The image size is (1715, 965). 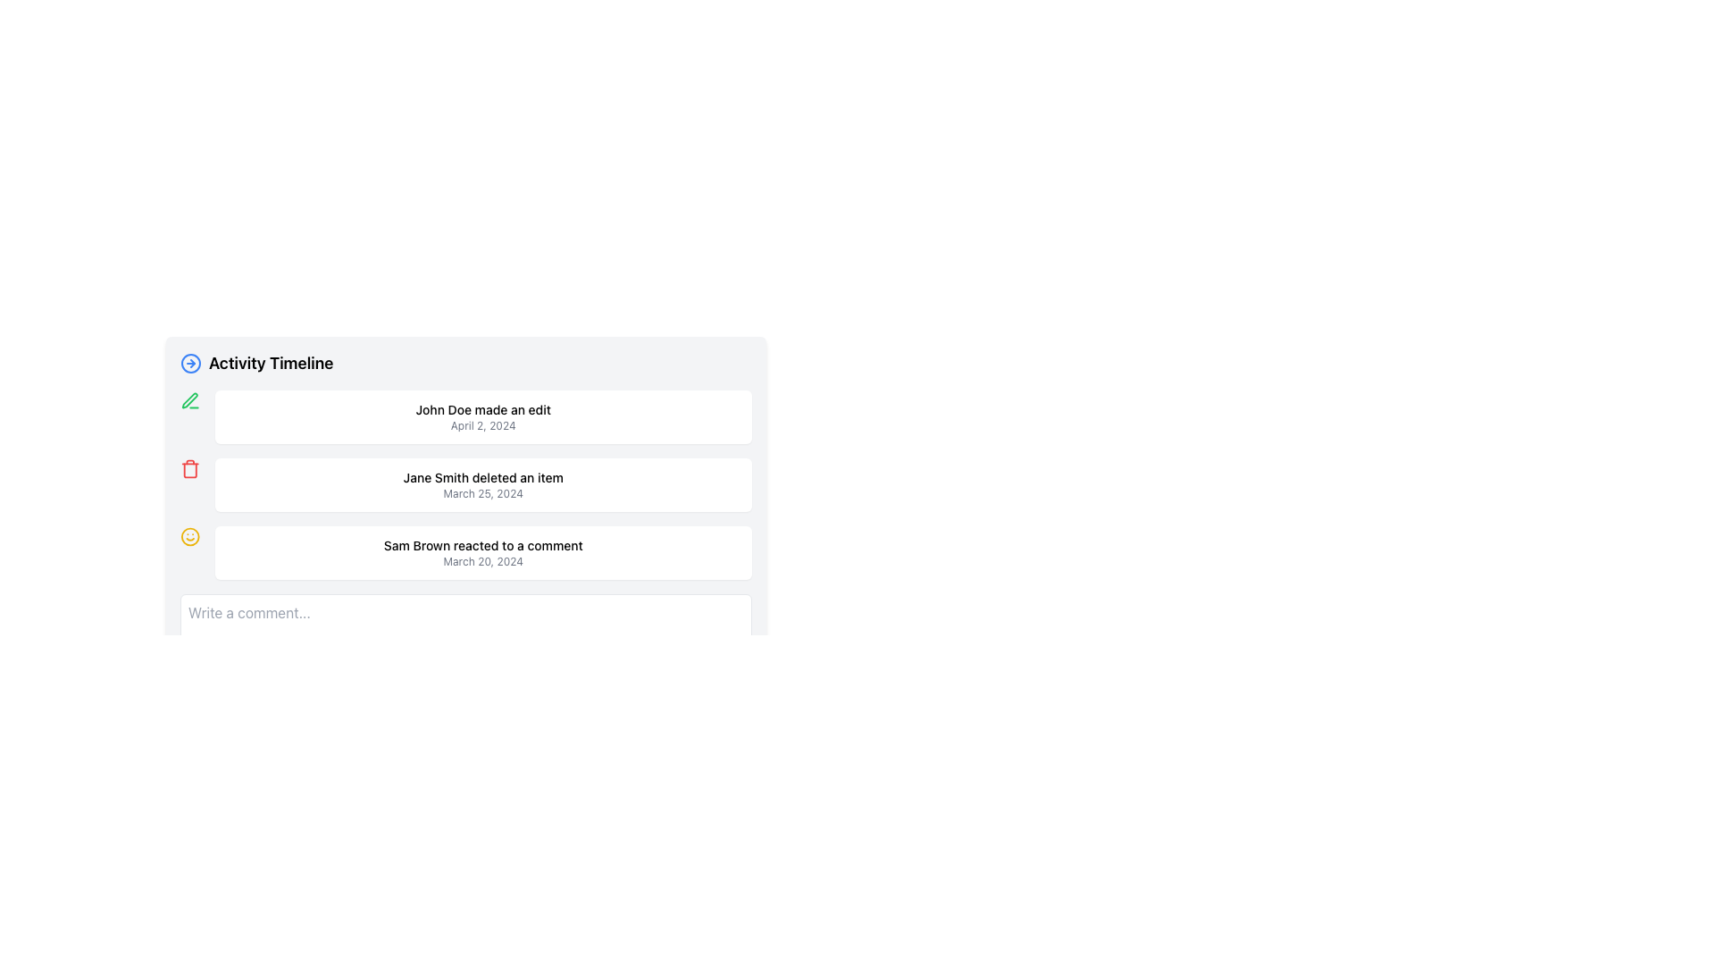 What do you see at coordinates (466, 539) in the screenshot?
I see `the timeline entry titled 'Sam Brown reacted to a comment' which is the third entry in the Activity Timeline` at bounding box center [466, 539].